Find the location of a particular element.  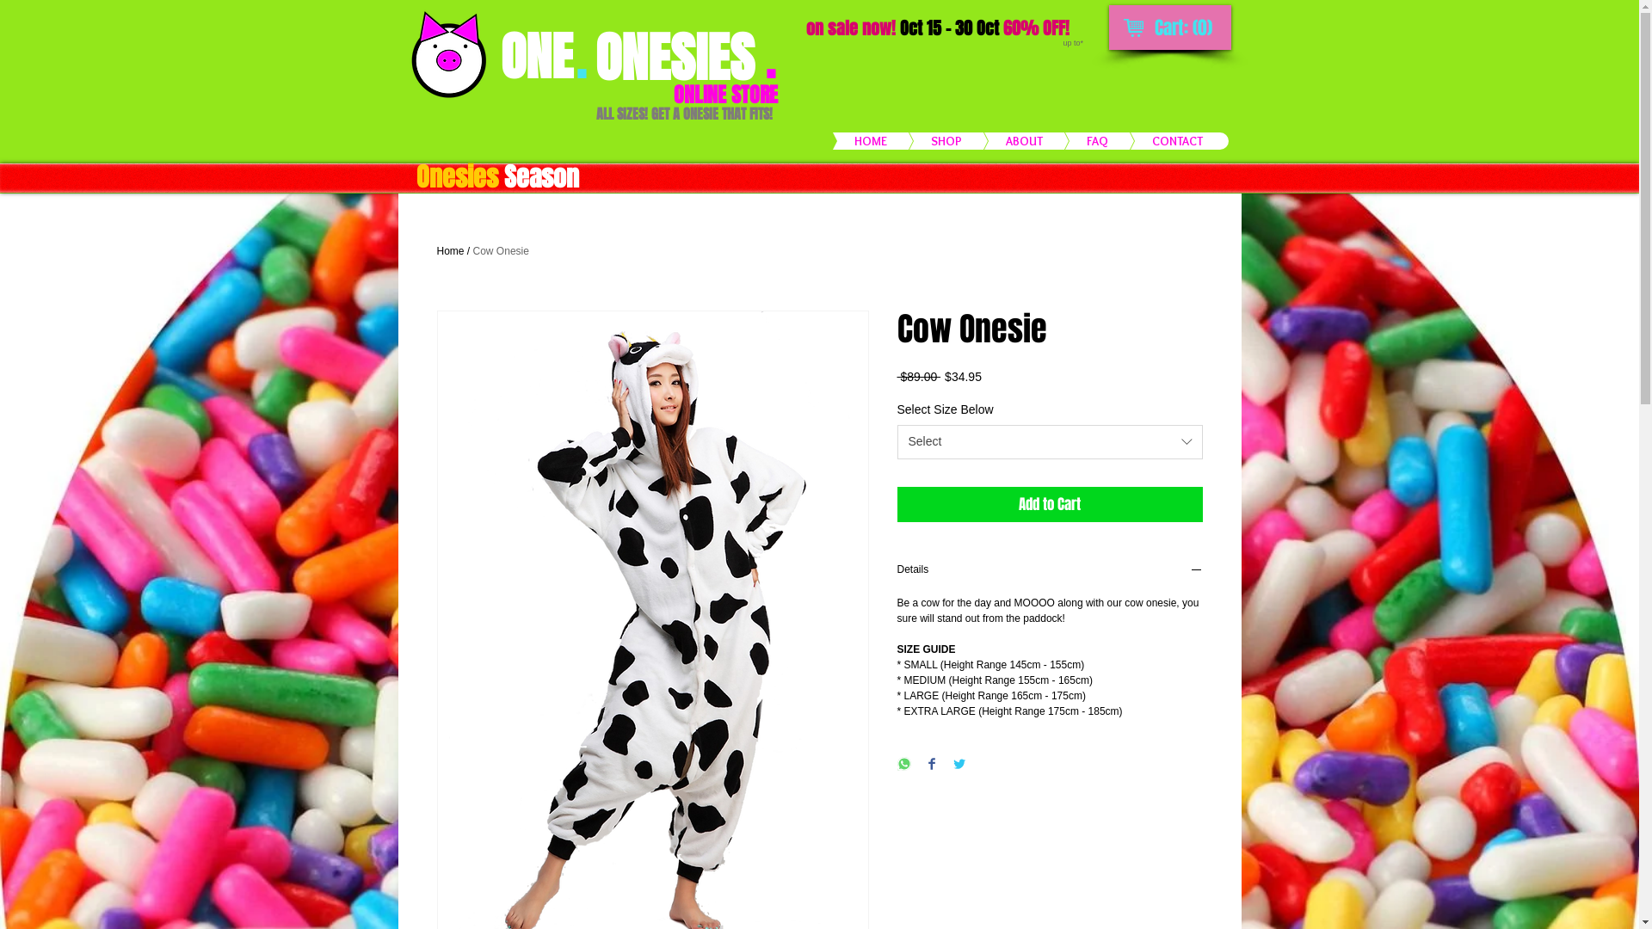

'SHOP' is located at coordinates (920, 140).